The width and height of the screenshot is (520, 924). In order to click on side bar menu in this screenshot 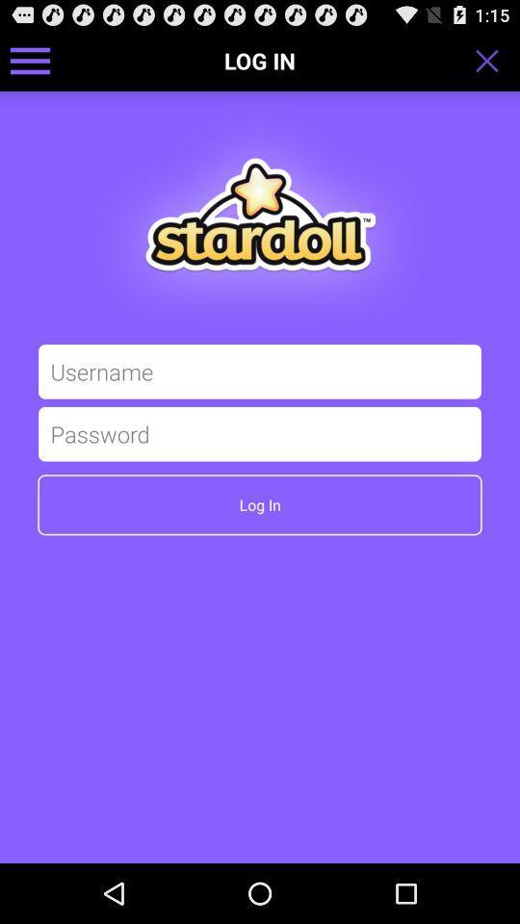, I will do `click(29, 60)`.